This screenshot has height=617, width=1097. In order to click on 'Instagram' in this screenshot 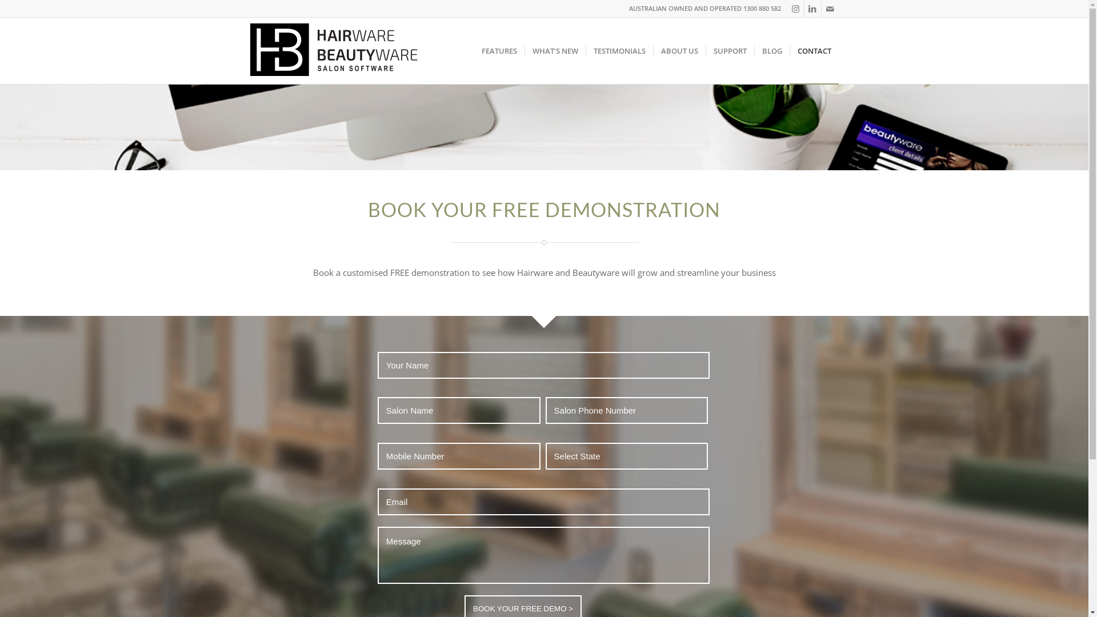, I will do `click(786, 9)`.